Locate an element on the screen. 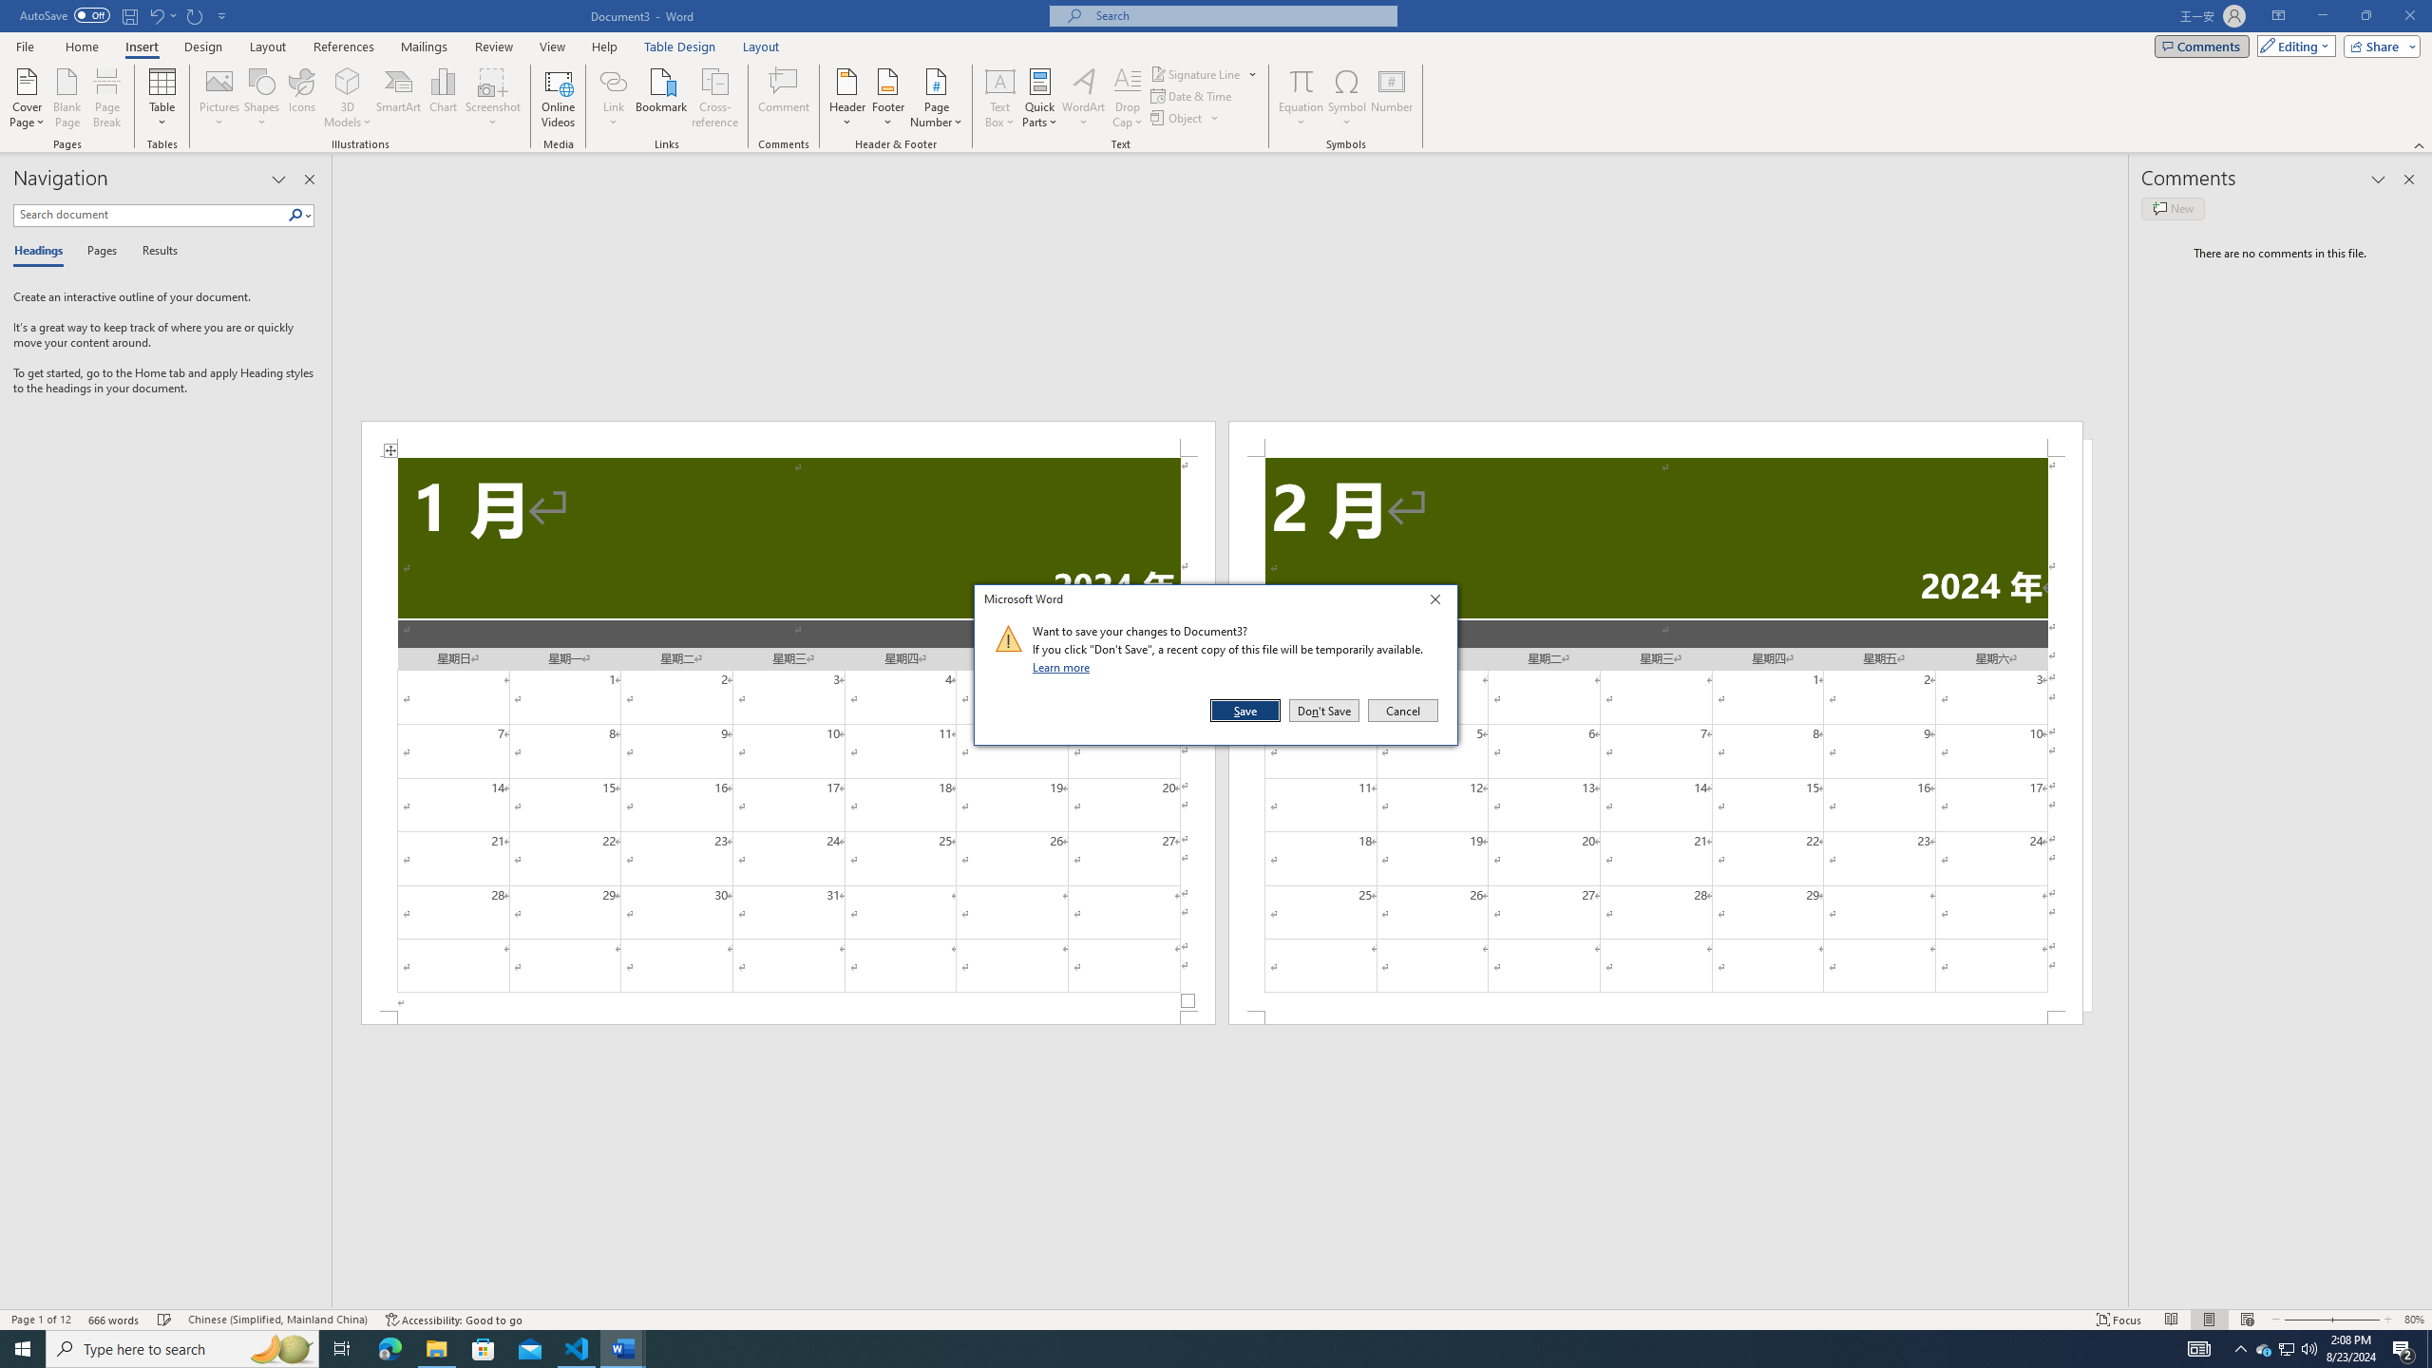 This screenshot has width=2432, height=1368. 'Number...' is located at coordinates (1391, 98).